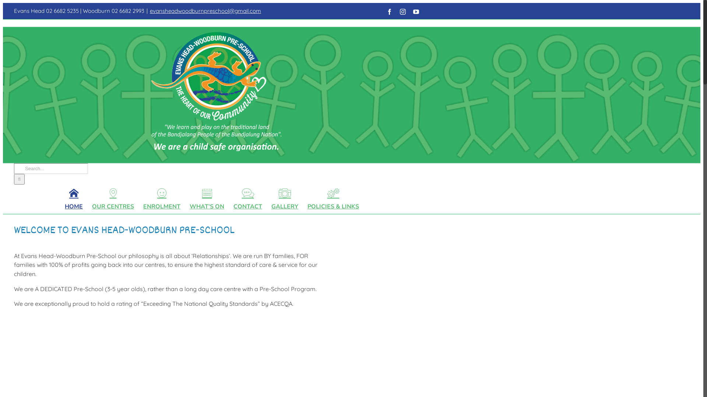 The height and width of the screenshot is (397, 707). What do you see at coordinates (233, 199) in the screenshot?
I see `'CONTACT'` at bounding box center [233, 199].